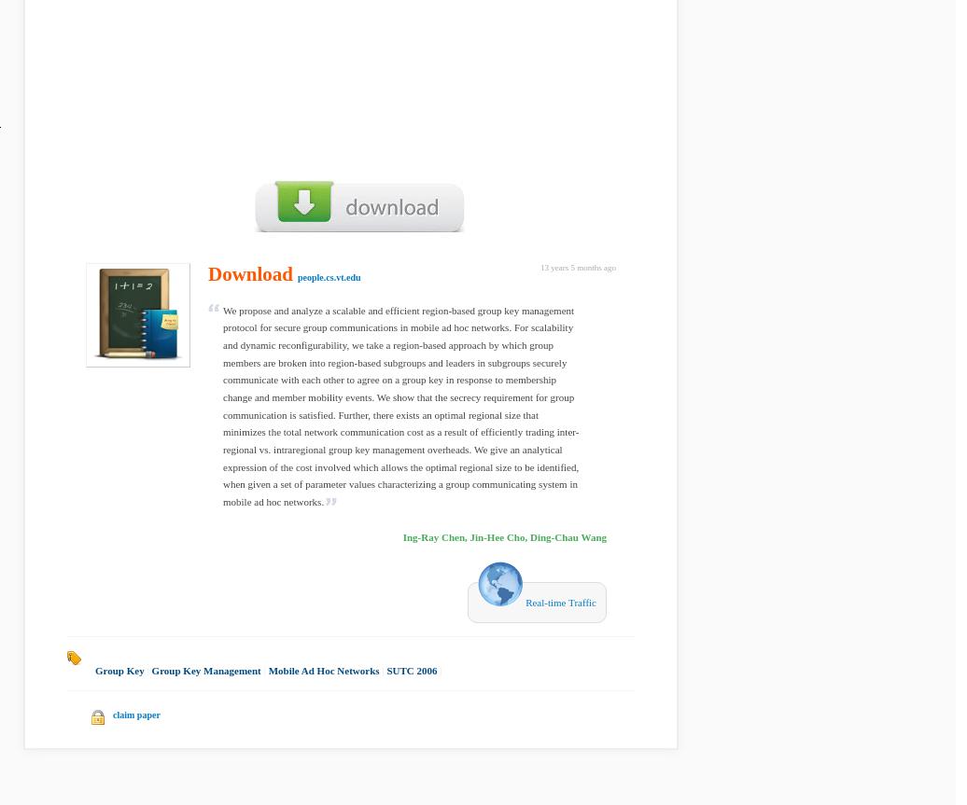 The height and width of the screenshot is (805, 967). What do you see at coordinates (95, 670) in the screenshot?
I see `'Group Key'` at bounding box center [95, 670].